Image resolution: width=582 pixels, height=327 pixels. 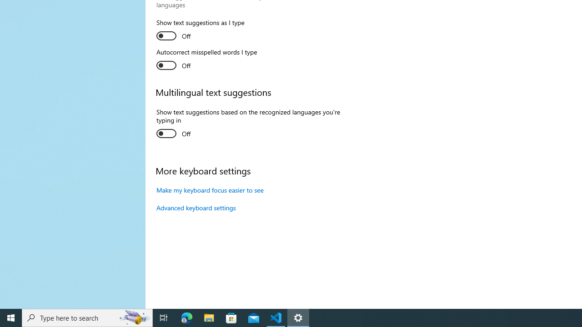 What do you see at coordinates (87, 317) in the screenshot?
I see `'Type here to search'` at bounding box center [87, 317].